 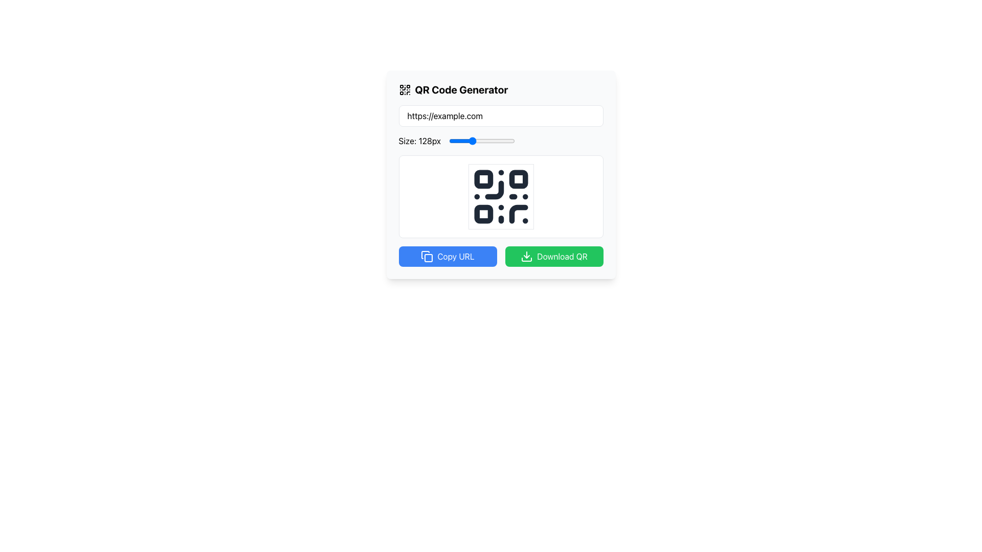 I want to click on the QR code size, so click(x=475, y=141).